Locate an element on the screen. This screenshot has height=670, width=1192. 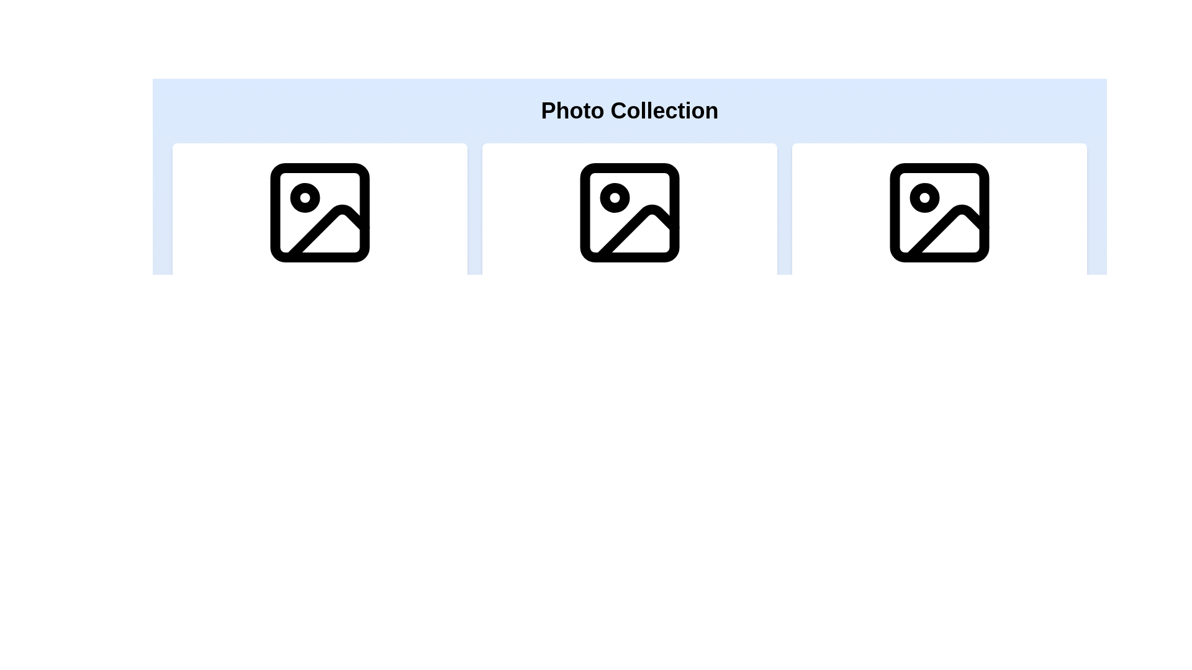
the first card in the sequence, which has a black photo outline icon on a white background is located at coordinates (320, 236).